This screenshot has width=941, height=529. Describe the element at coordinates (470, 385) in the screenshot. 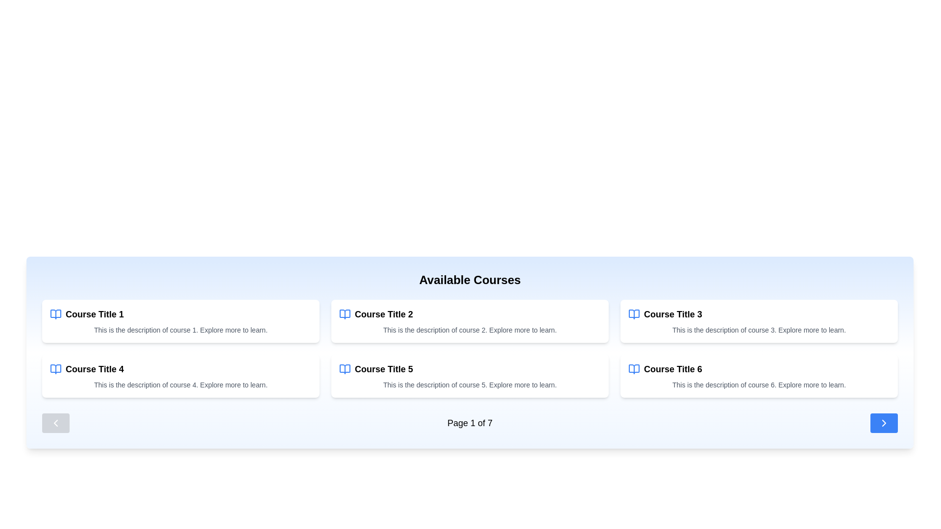

I see `text content of the gray small-sized Text label located directly below 'Course Title 5' in the second row and second column of the grid layout` at that location.